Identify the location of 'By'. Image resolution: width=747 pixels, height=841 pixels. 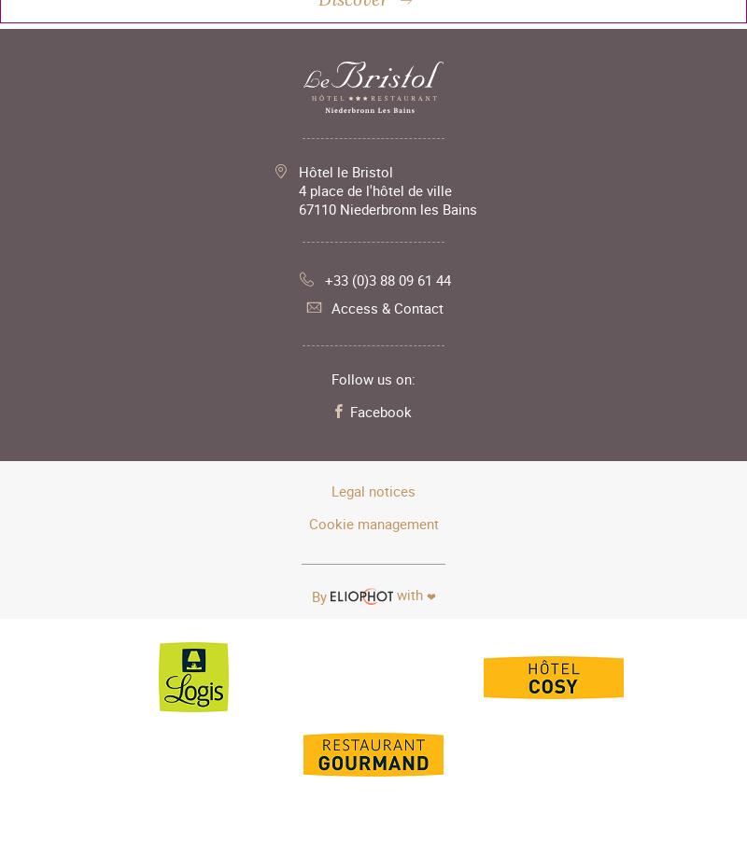
(318, 595).